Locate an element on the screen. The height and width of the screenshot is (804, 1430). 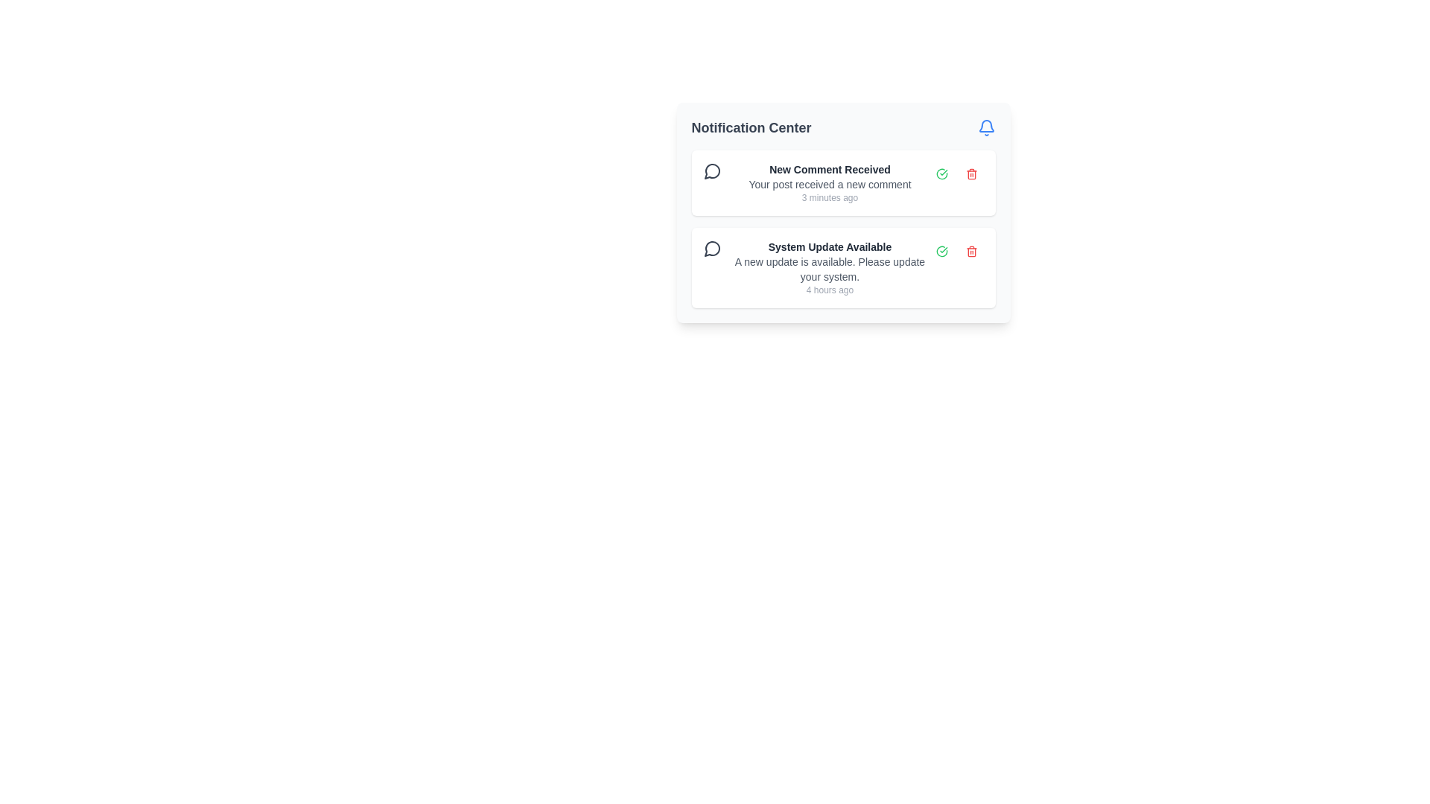
text indicating '4 hours ago' located beneath the notification titled 'System Update Available', which is styled in a small, gray, and light font is located at coordinates (829, 290).